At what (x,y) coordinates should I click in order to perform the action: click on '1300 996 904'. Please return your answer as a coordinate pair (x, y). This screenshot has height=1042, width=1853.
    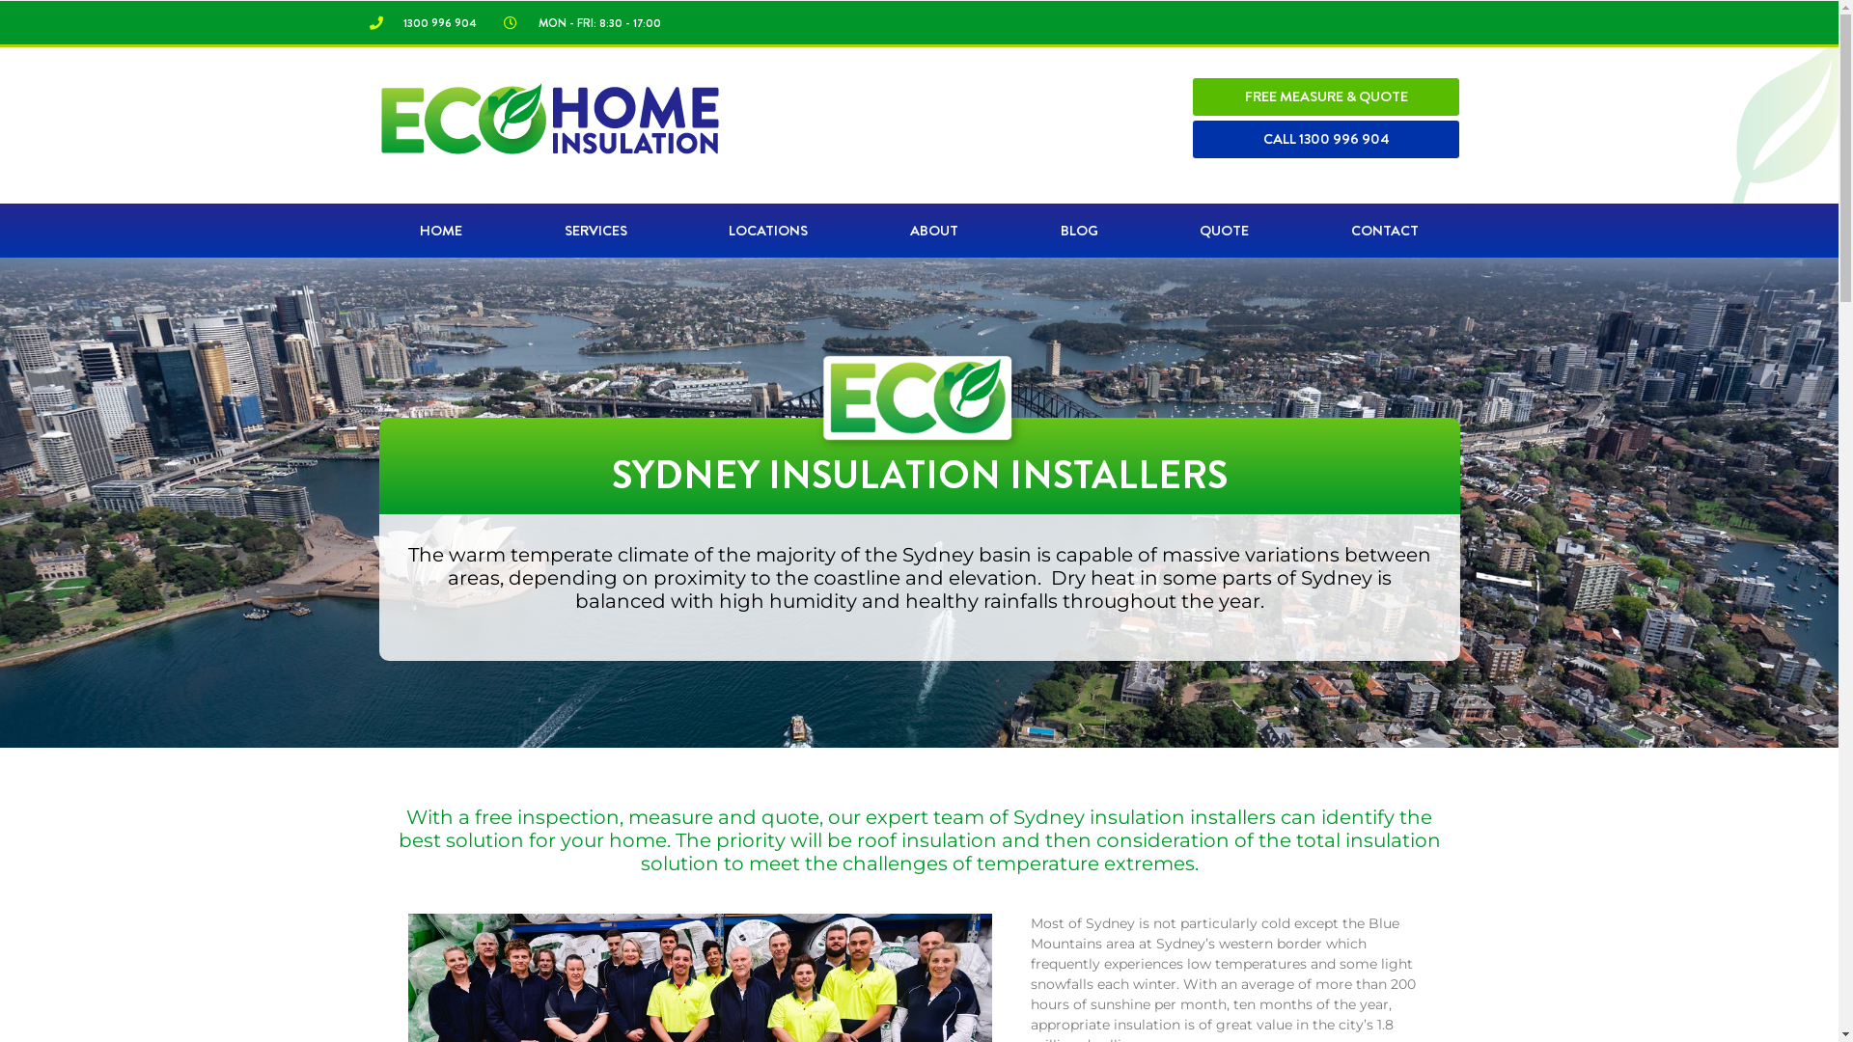
    Looking at the image, I should click on (421, 22).